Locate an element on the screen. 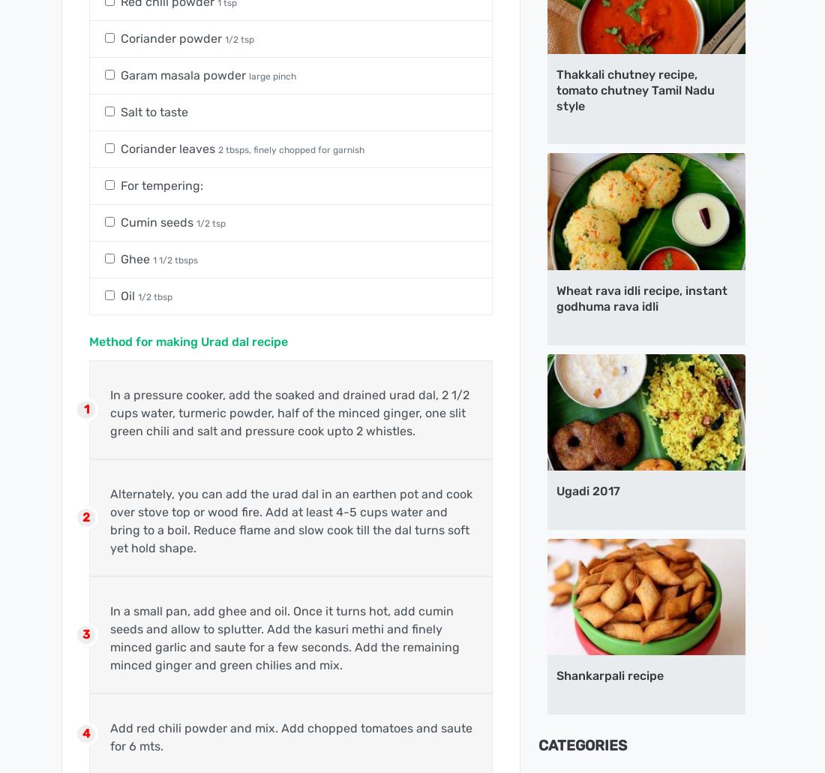  'Alternately, you can add the urad dal in an earthen pot and cook over stove top or wood fire. Add at least 4-5 cups water and bring to a boil. Reduce flame and slow cook till the dal turns soft yet hold shape.' is located at coordinates (109, 520).